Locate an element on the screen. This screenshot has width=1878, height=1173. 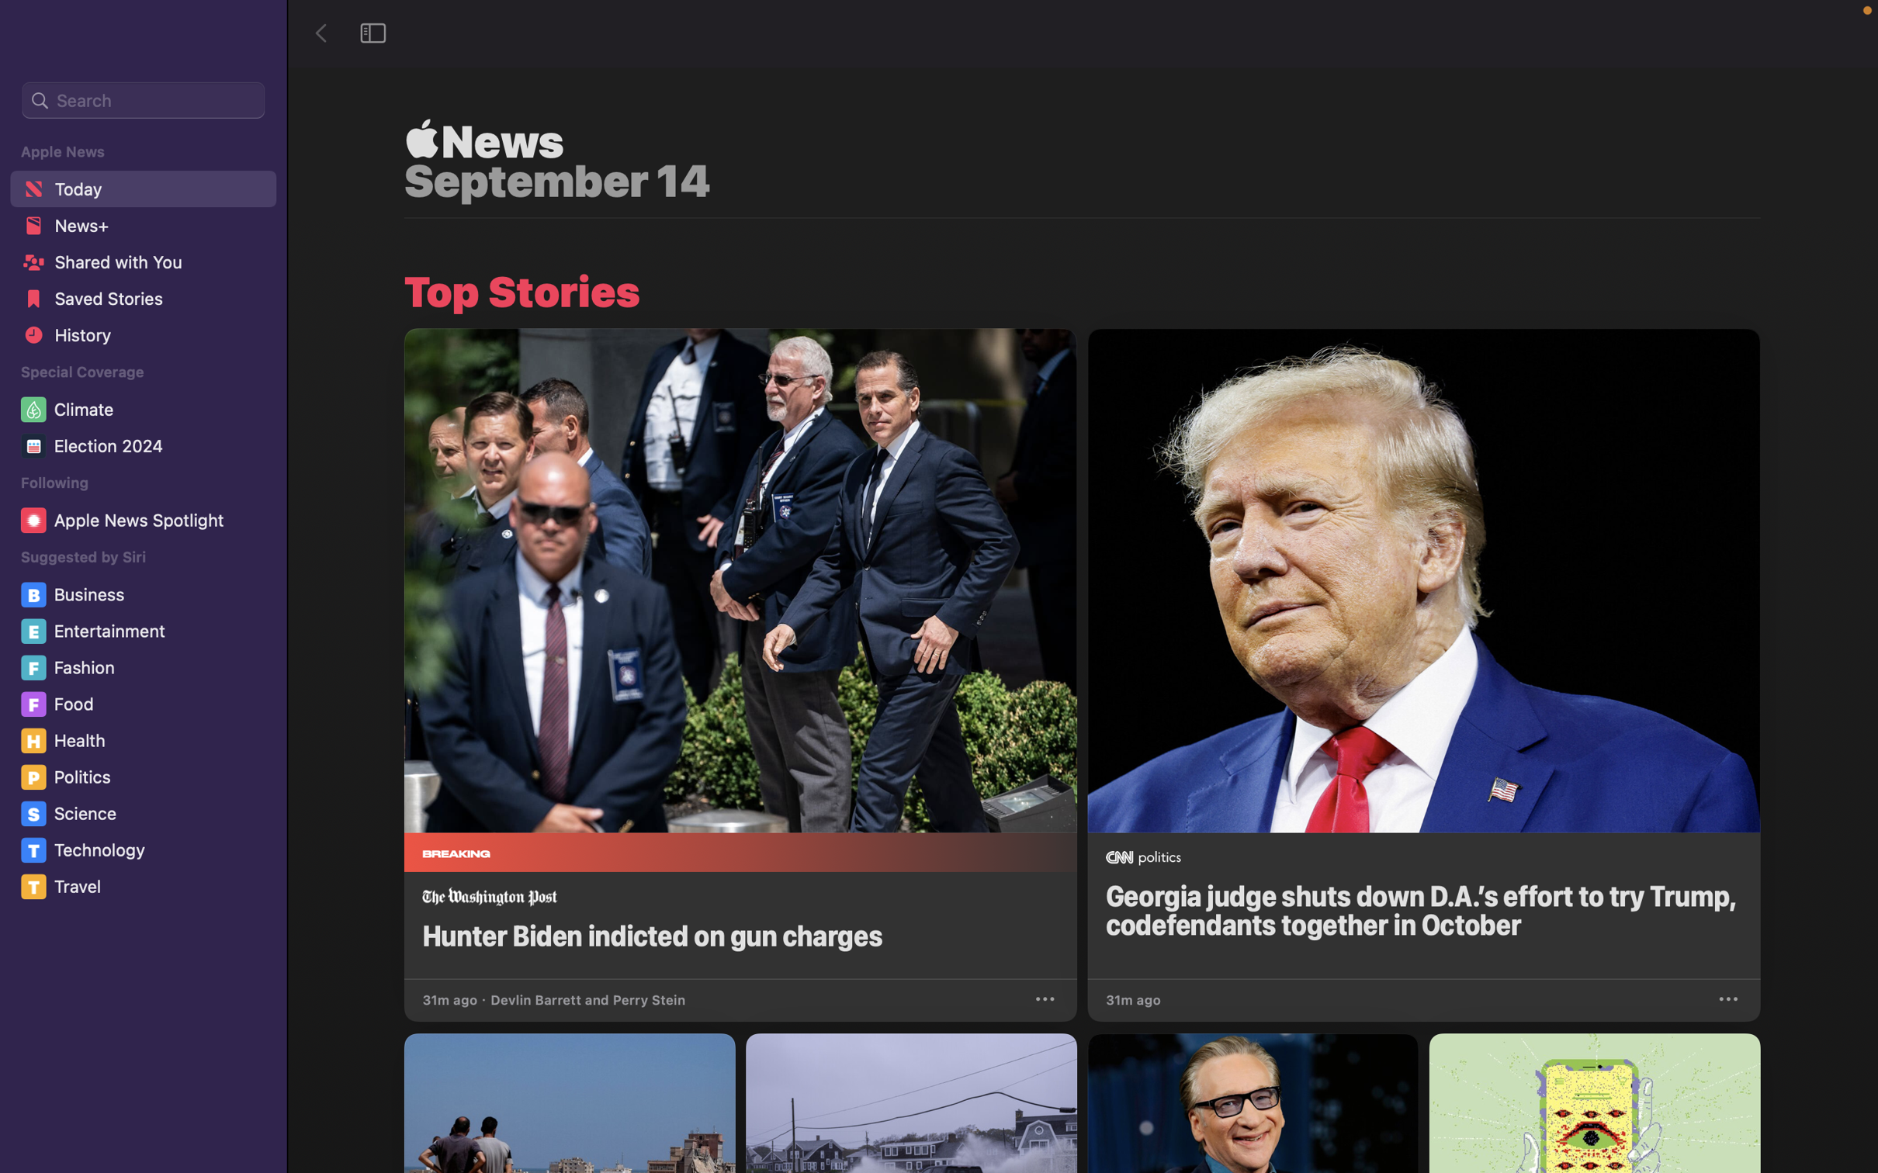
and click on the "Entertainment" segment is located at coordinates (145, 631).